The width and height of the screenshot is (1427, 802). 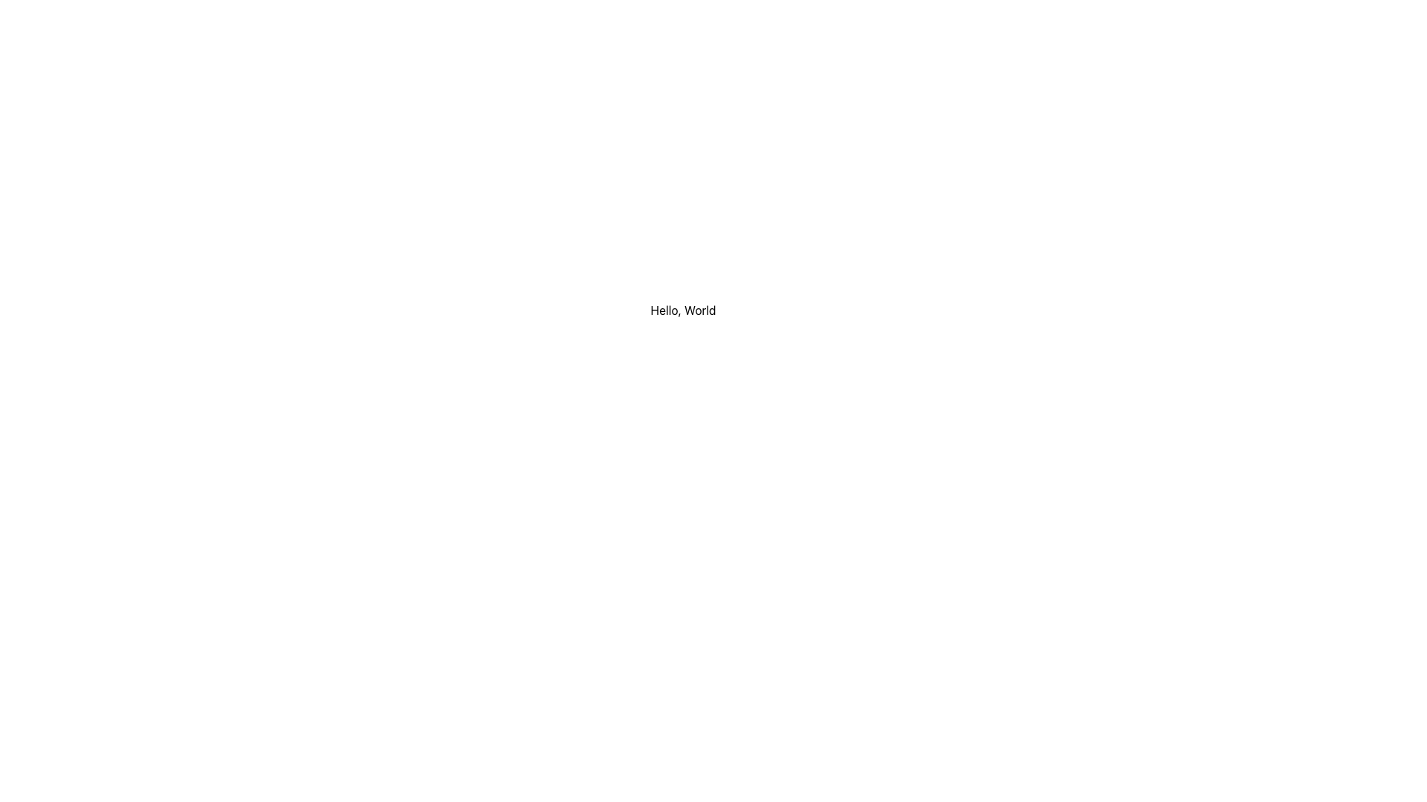 I want to click on the Label or Text Display Component that displays the phrase 'Hello, World' on a white background, so click(x=682, y=309).